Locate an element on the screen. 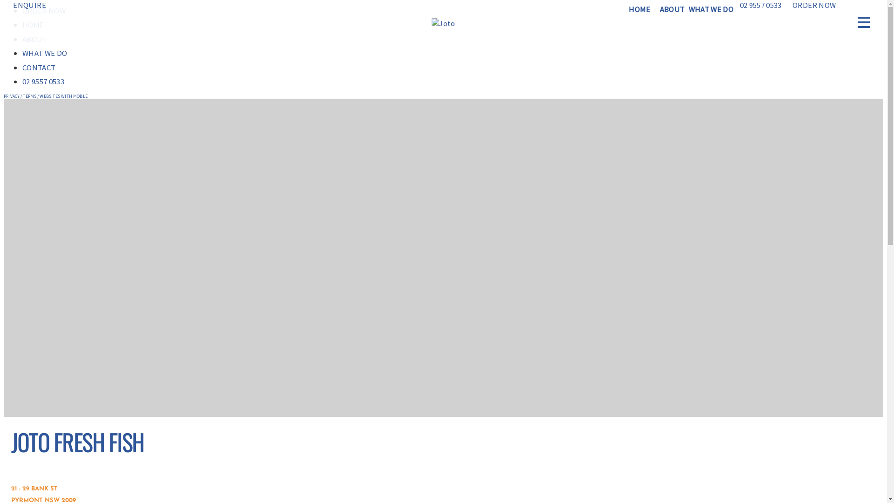 Image resolution: width=894 pixels, height=503 pixels. 'CONTACT' is located at coordinates (38, 67).